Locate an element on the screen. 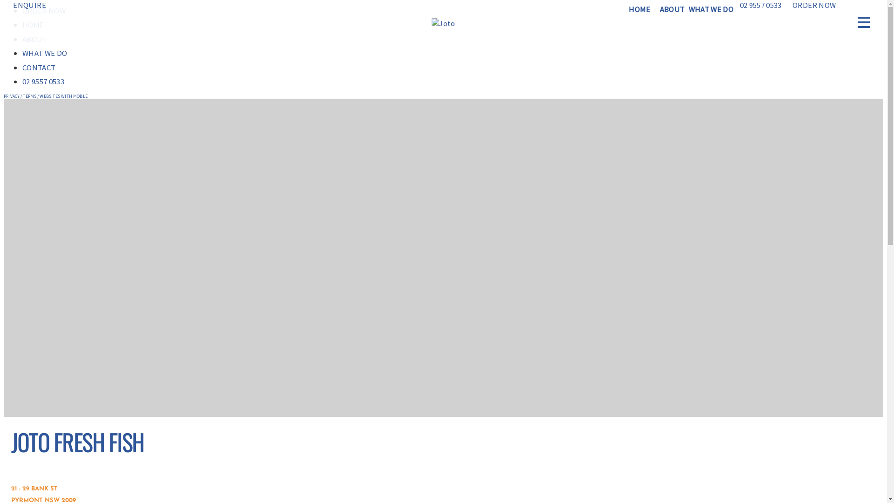 Image resolution: width=894 pixels, height=503 pixels. 'CONTACT' is located at coordinates (38, 67).